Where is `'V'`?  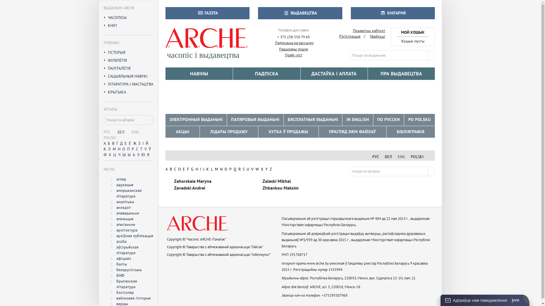 'V' is located at coordinates (251, 169).